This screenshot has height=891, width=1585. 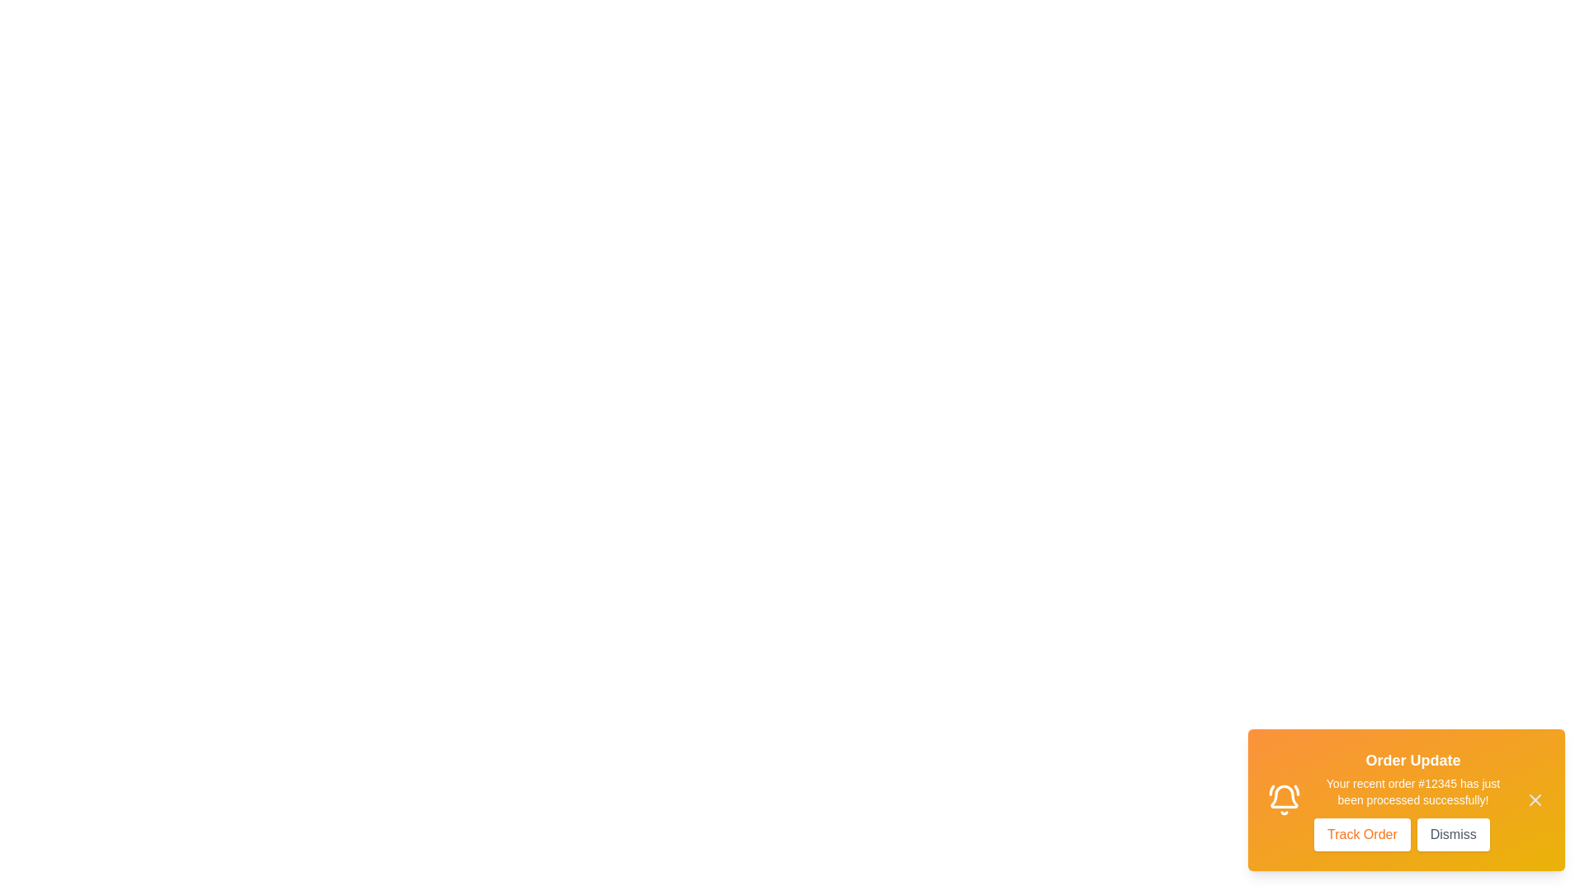 What do you see at coordinates (1453, 834) in the screenshot?
I see `the 'Dismiss' button to close the notification` at bounding box center [1453, 834].